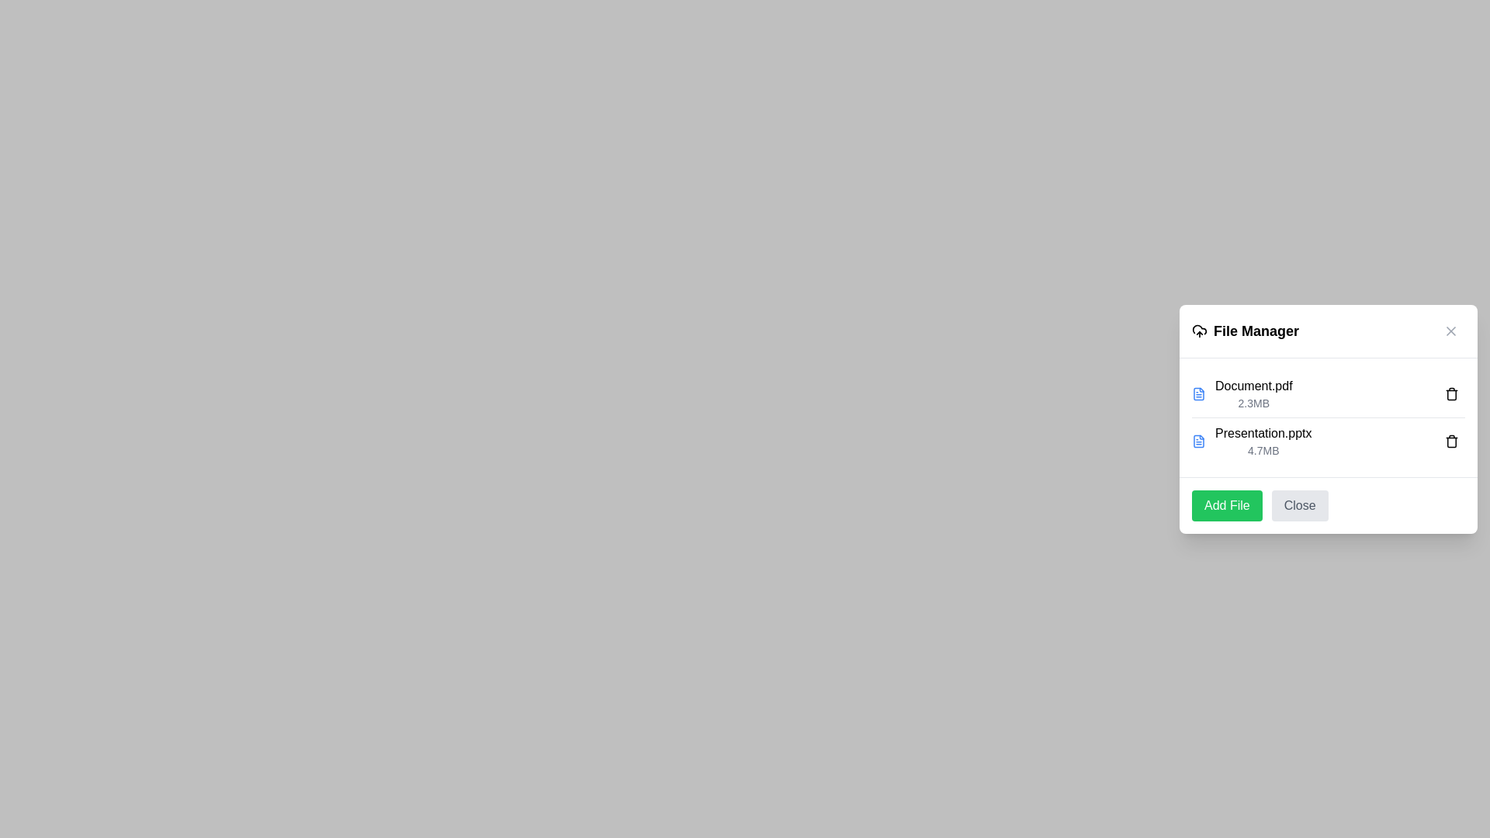 This screenshot has width=1490, height=838. Describe the element at coordinates (1450, 329) in the screenshot. I see `the close button ('X') located at the upper right corner of the 'File Manager' heading` at that location.